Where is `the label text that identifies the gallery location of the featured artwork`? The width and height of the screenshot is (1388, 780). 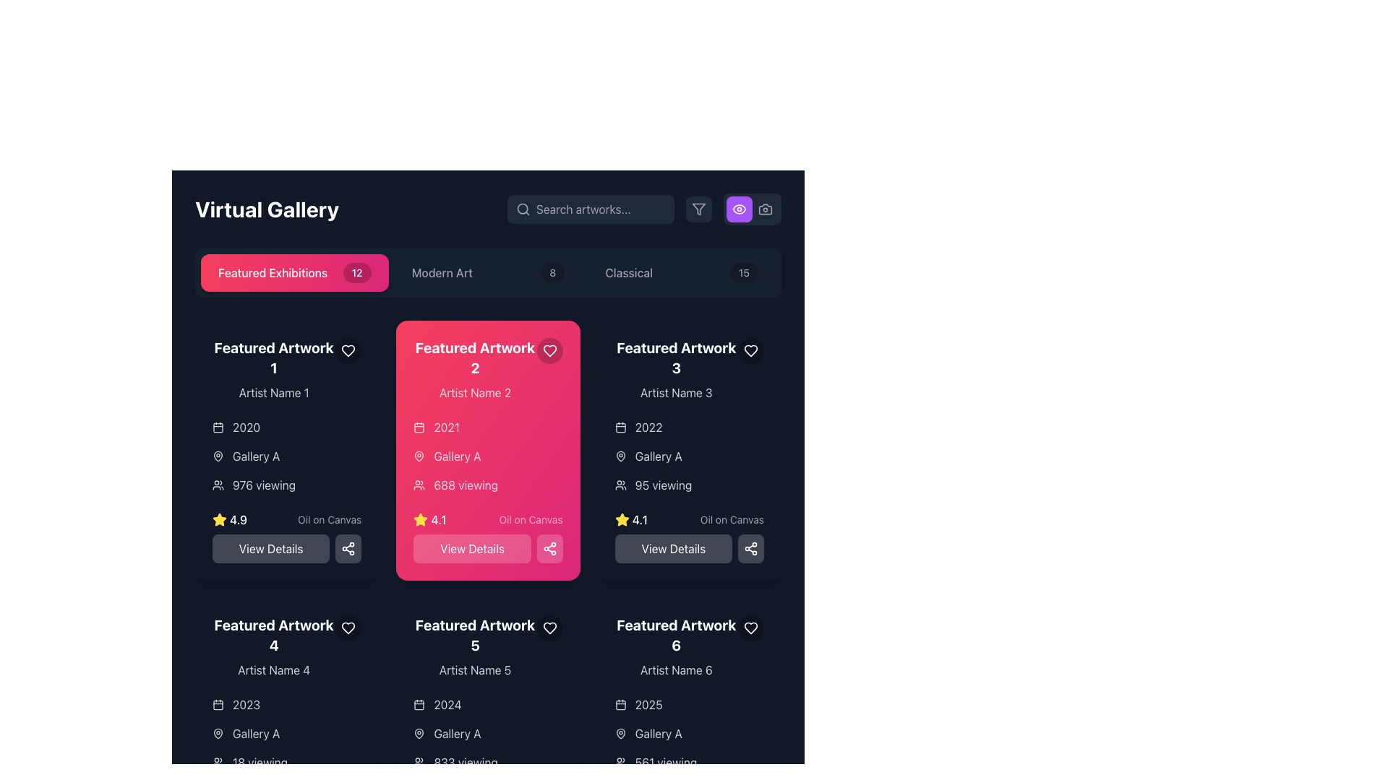 the label text that identifies the gallery location of the featured artwork is located at coordinates (658, 456).